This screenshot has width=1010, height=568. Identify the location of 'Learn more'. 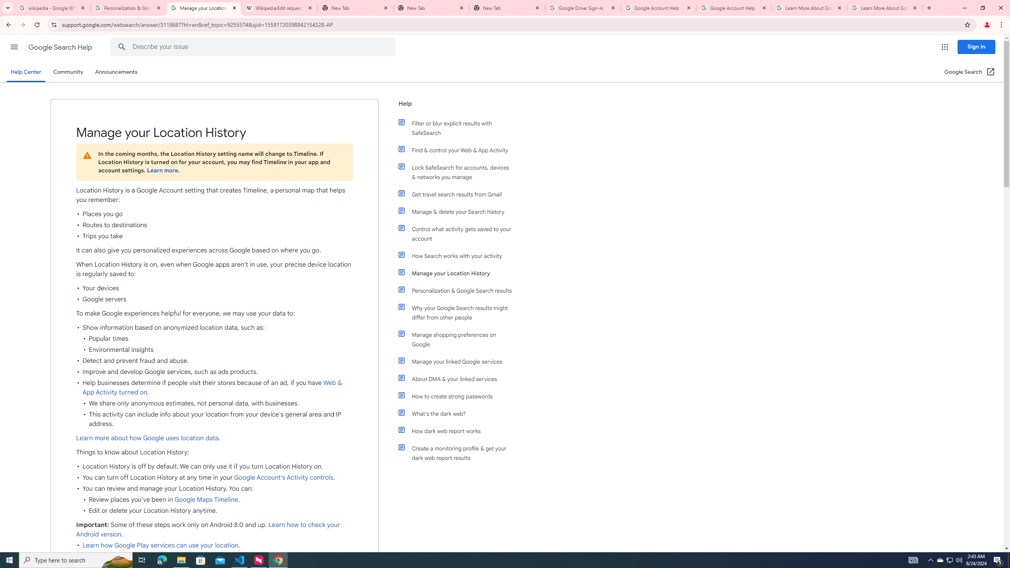
(161, 170).